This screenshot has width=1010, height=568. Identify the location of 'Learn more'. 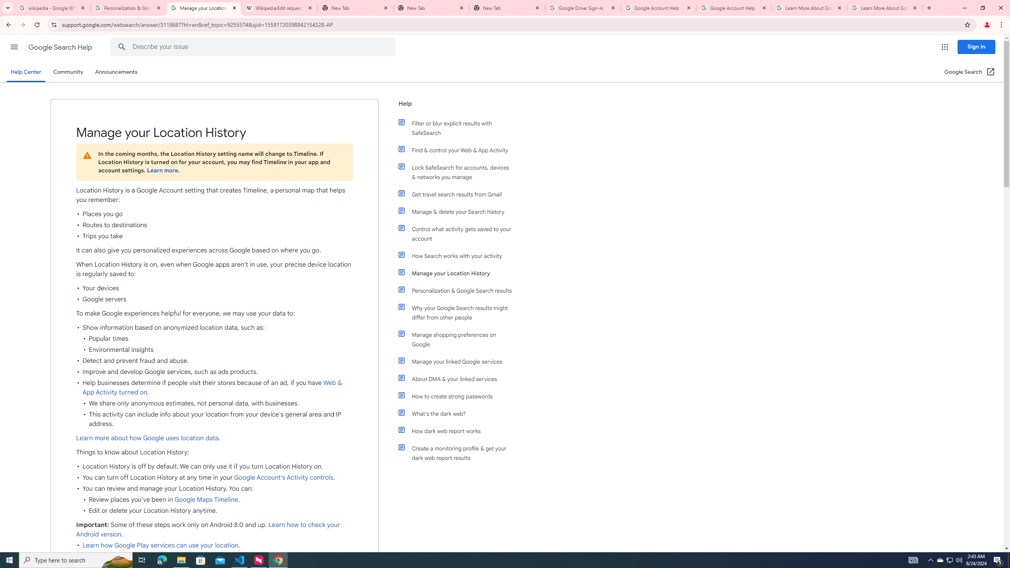
(161, 170).